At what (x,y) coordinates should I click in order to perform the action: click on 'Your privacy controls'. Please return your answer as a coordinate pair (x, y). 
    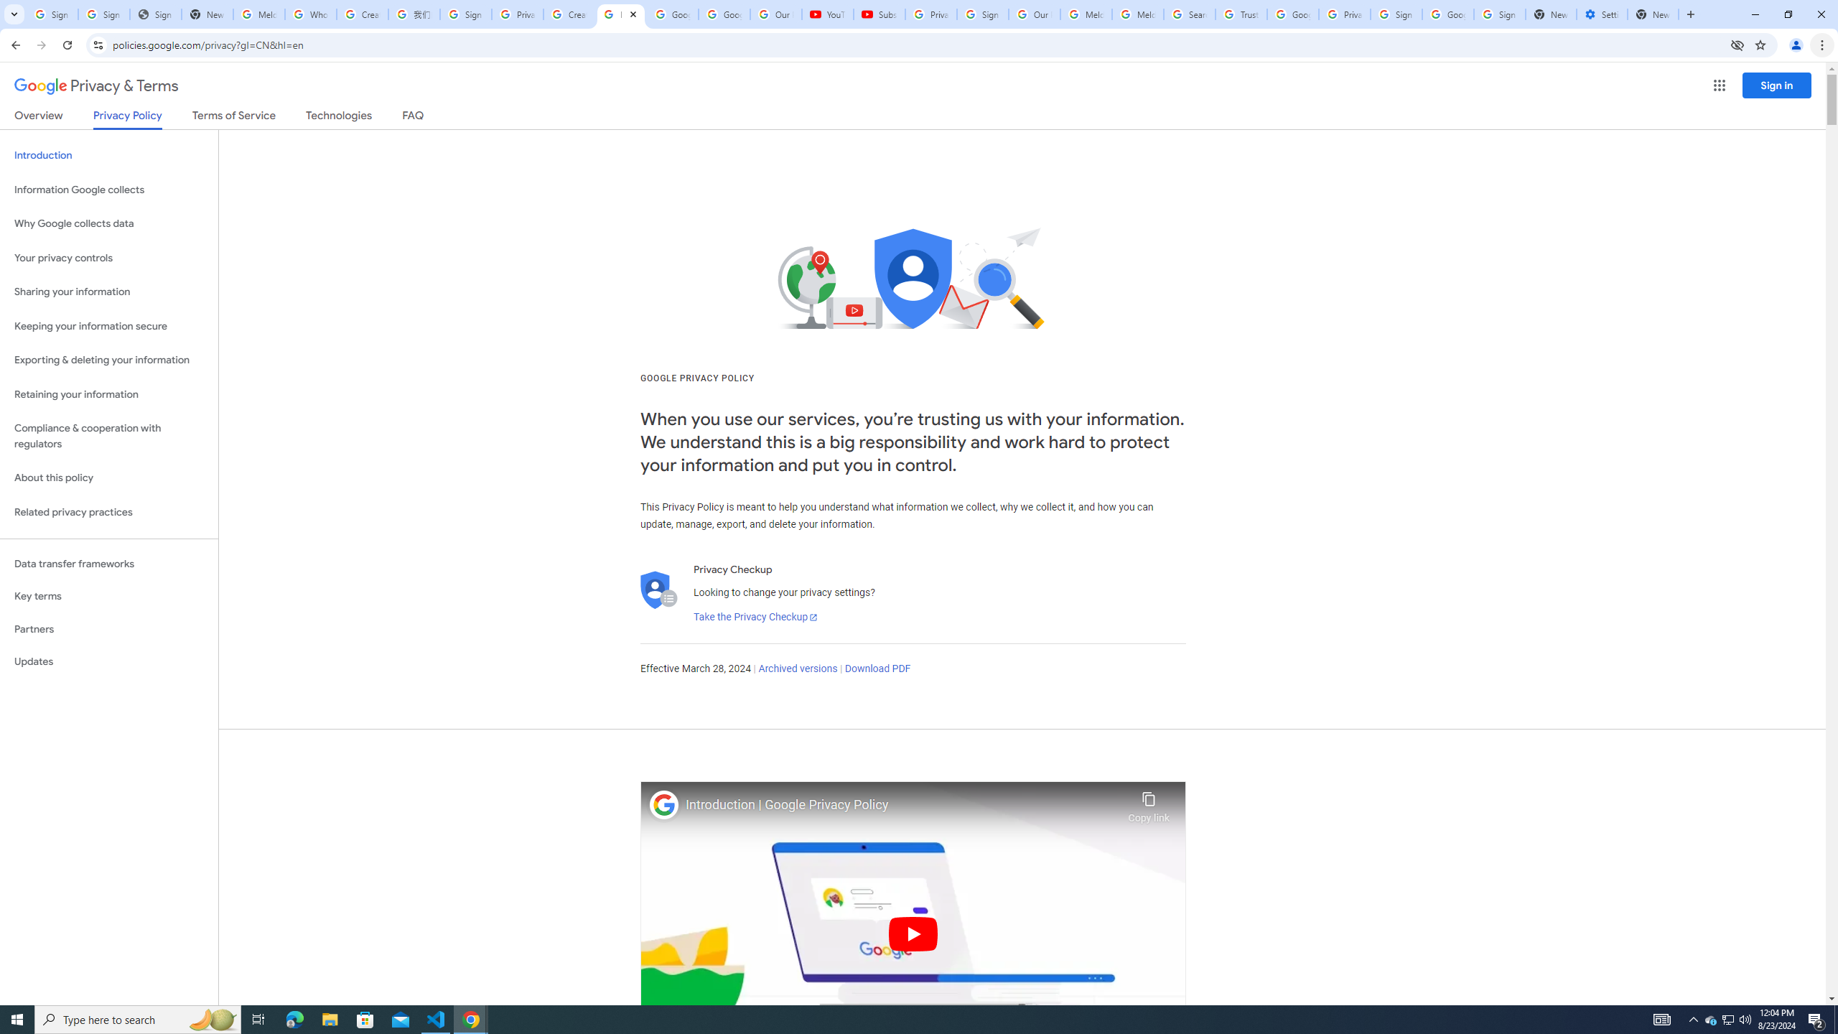
    Looking at the image, I should click on (108, 258).